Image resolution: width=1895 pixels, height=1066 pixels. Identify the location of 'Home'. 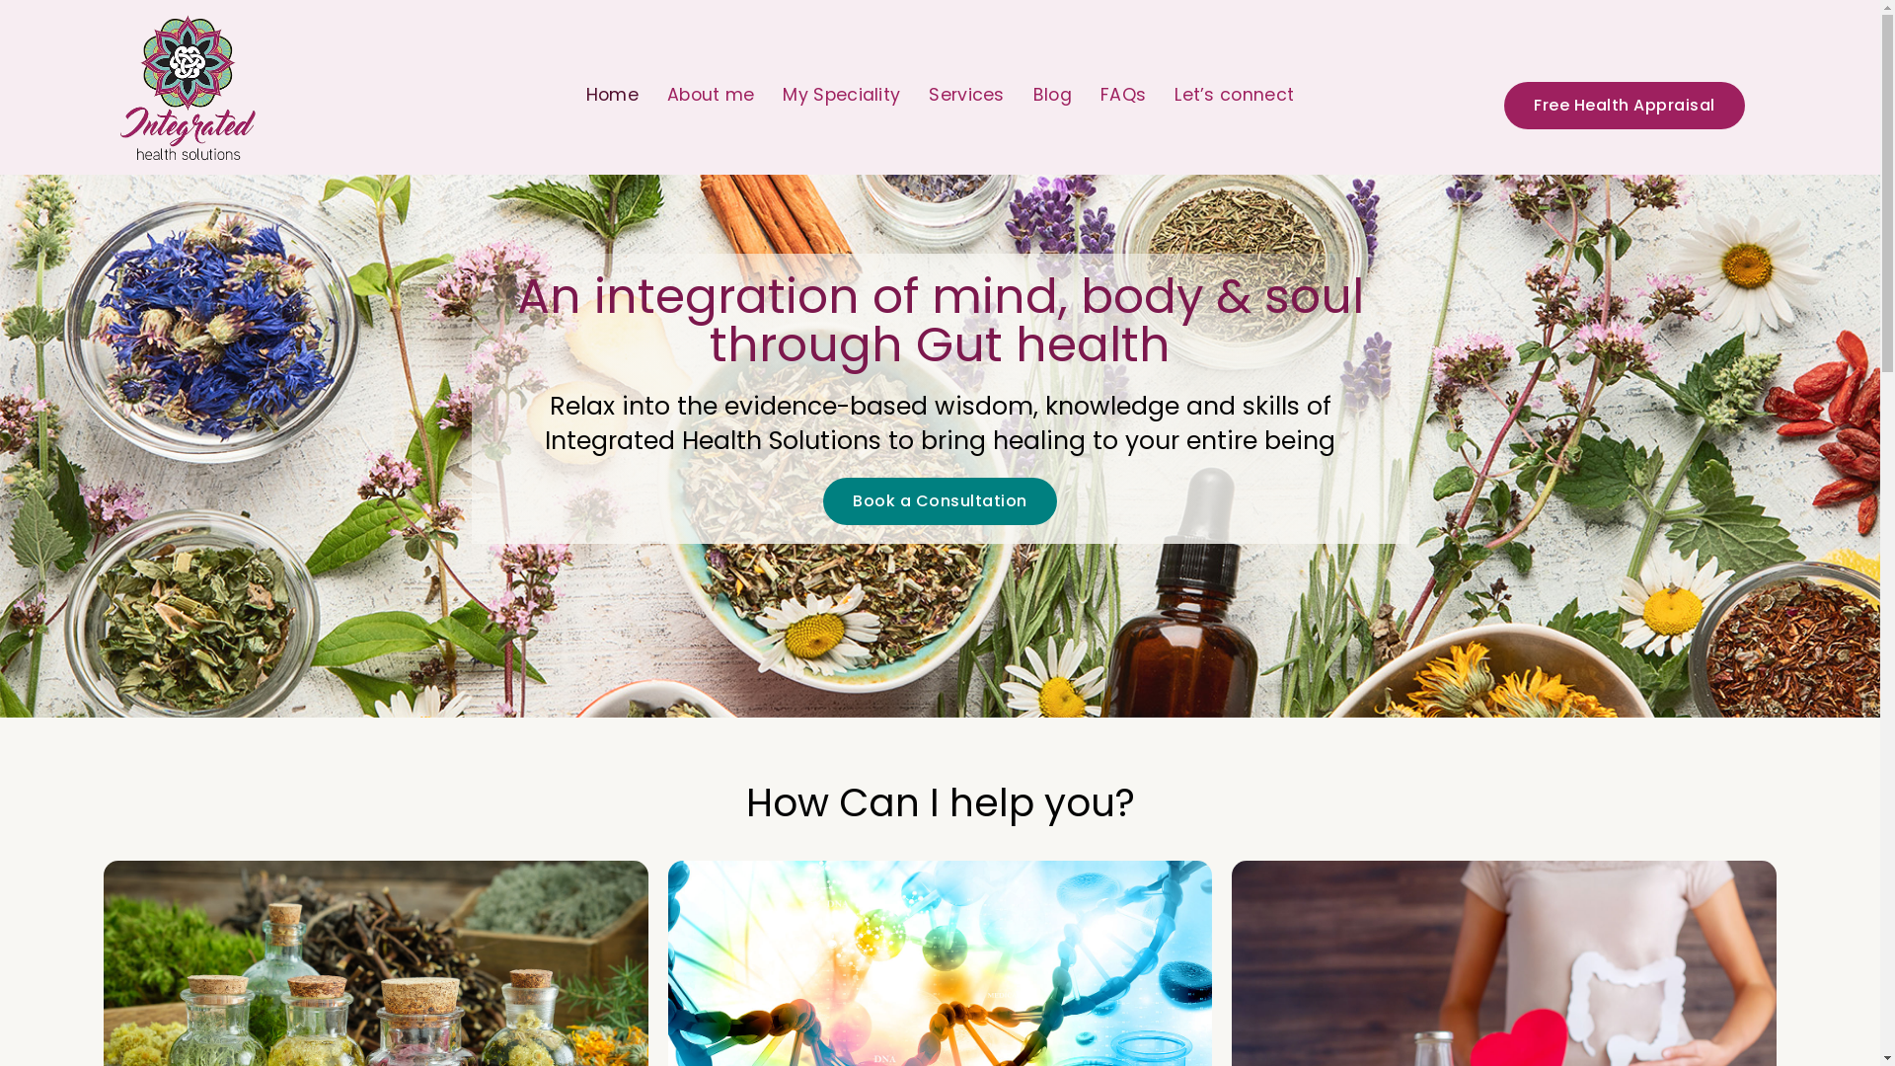
(611, 95).